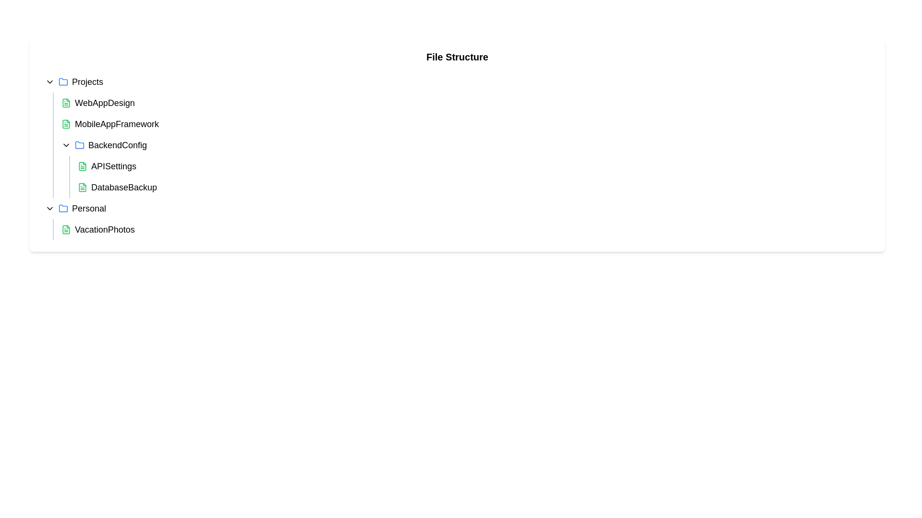 Image resolution: width=922 pixels, height=518 pixels. I want to click on the icon that represents the 'VacationPhotos' file, located to the left of the 'VacationPhotos' text within the 'Personal' folder group, so click(66, 229).